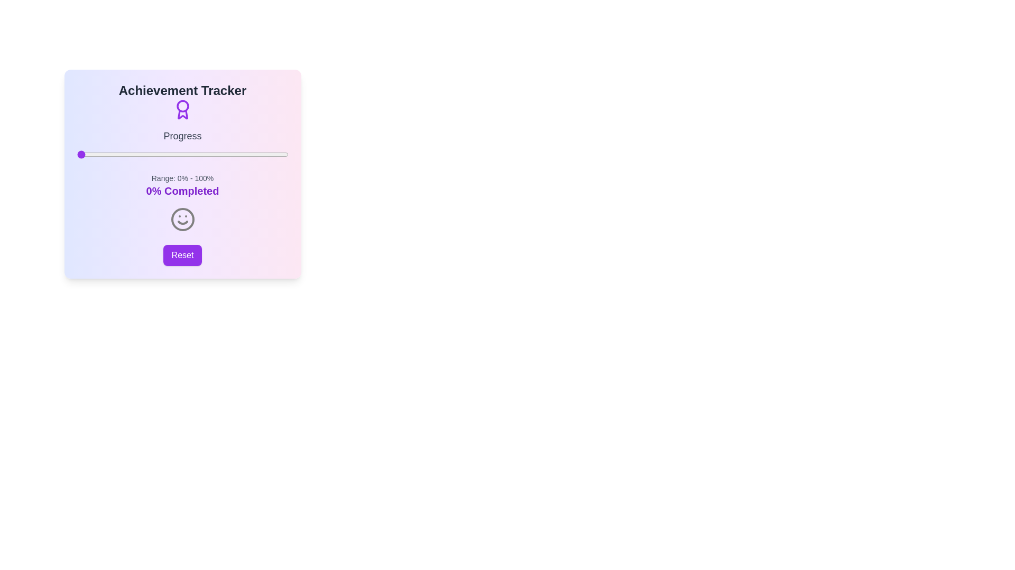  What do you see at coordinates (182, 155) in the screenshot?
I see `the interactive element slider` at bounding box center [182, 155].